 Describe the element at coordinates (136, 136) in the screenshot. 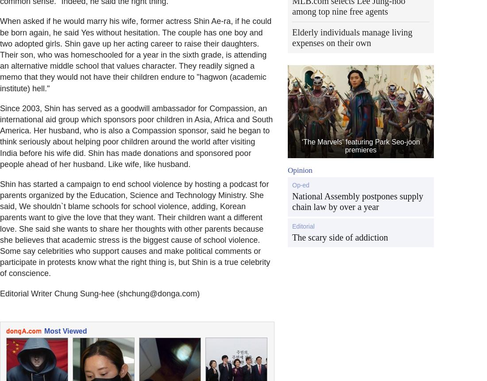

I see `'Since 2003, Shin has served as a goodwill ambassador for Compassion, an international aid group which sponsors poor children in Asia, Africa and South America. Her husband, who is also a Compassion sponsor, said he began to think seriously about helping poor children around the world after visiting India before his wife did. Shin has made donations and sponsored poor people ahead of her husband. Like wife, like husband.'` at that location.